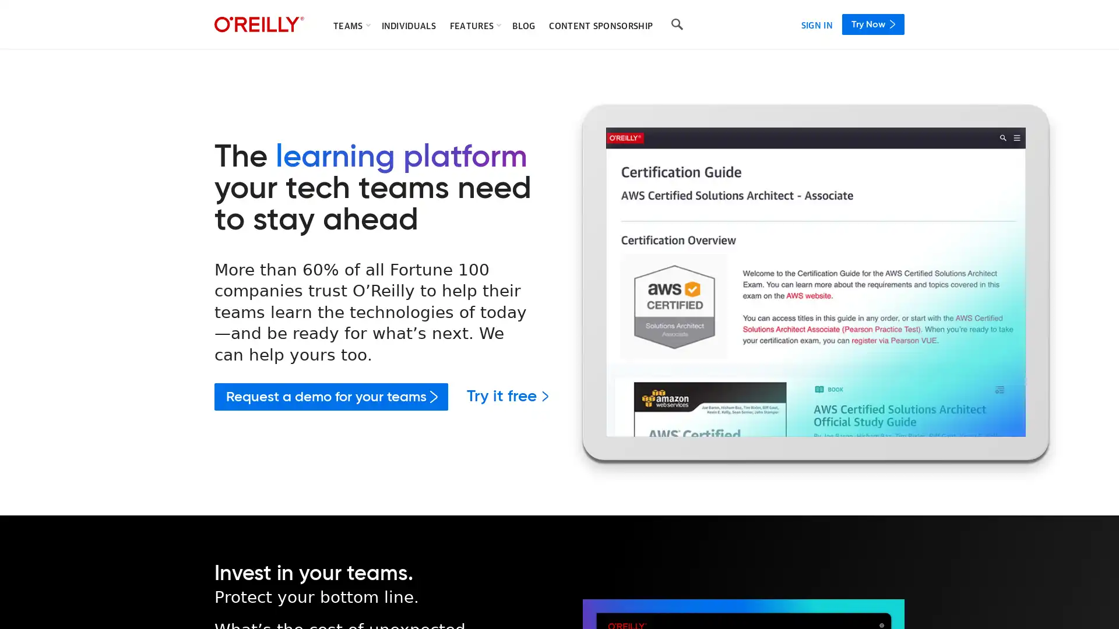 The height and width of the screenshot is (629, 1119). I want to click on Search, so click(677, 24).